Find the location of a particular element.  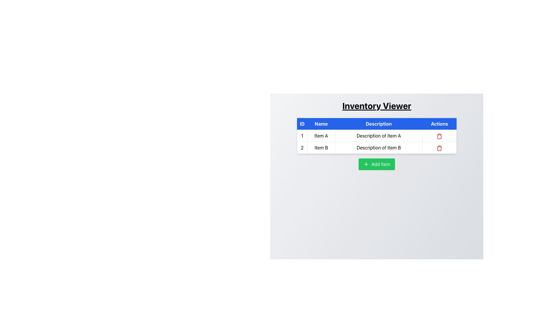

the Static Text Label displaying the name of the first item in the inventory, located in the first row of the table next to the ID column is located at coordinates (321, 135).